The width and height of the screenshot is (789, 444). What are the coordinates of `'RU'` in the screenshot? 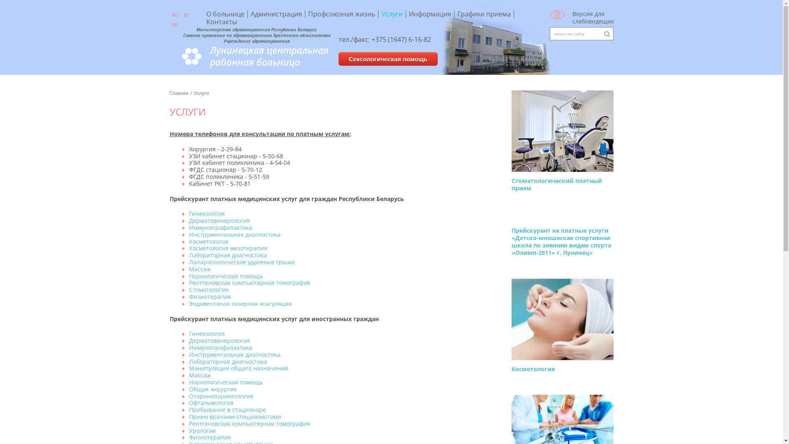 It's located at (174, 15).